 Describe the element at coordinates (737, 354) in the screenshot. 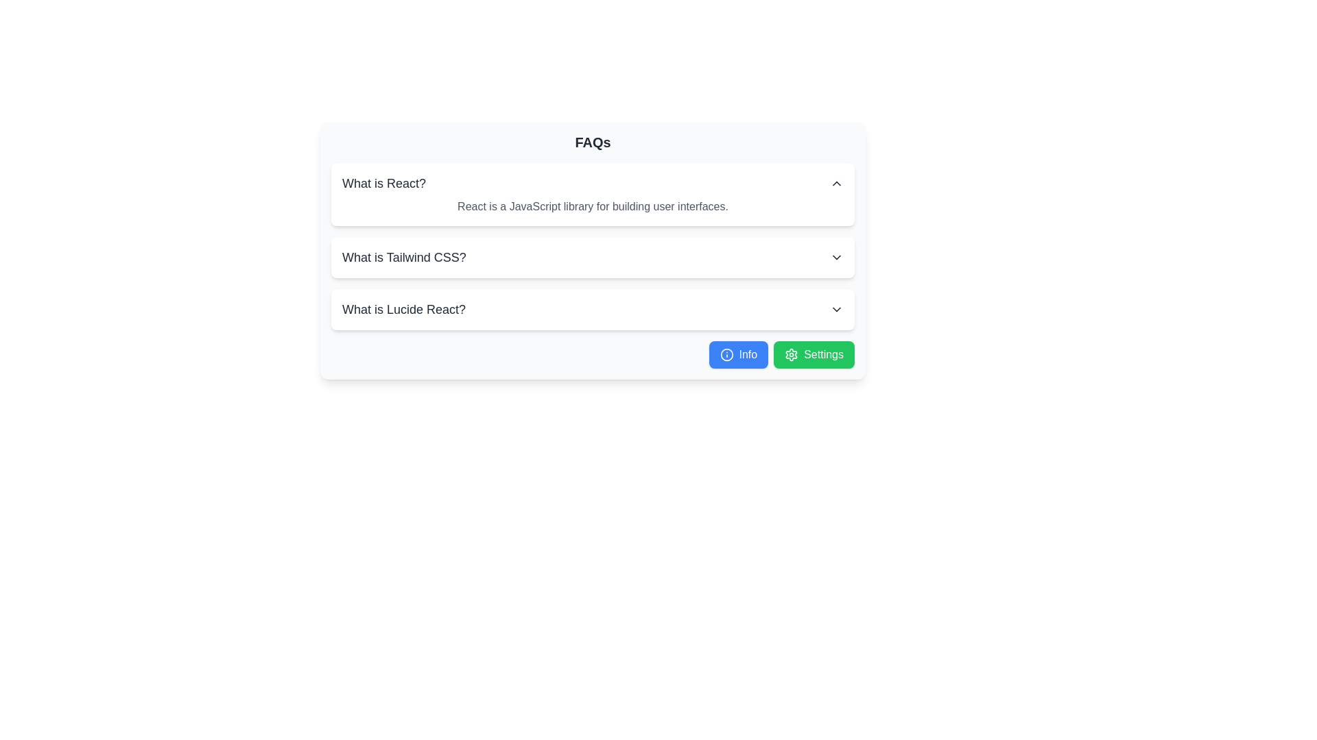

I see `the information button located to the right of the 'Settings' button in the lower right button group` at that location.